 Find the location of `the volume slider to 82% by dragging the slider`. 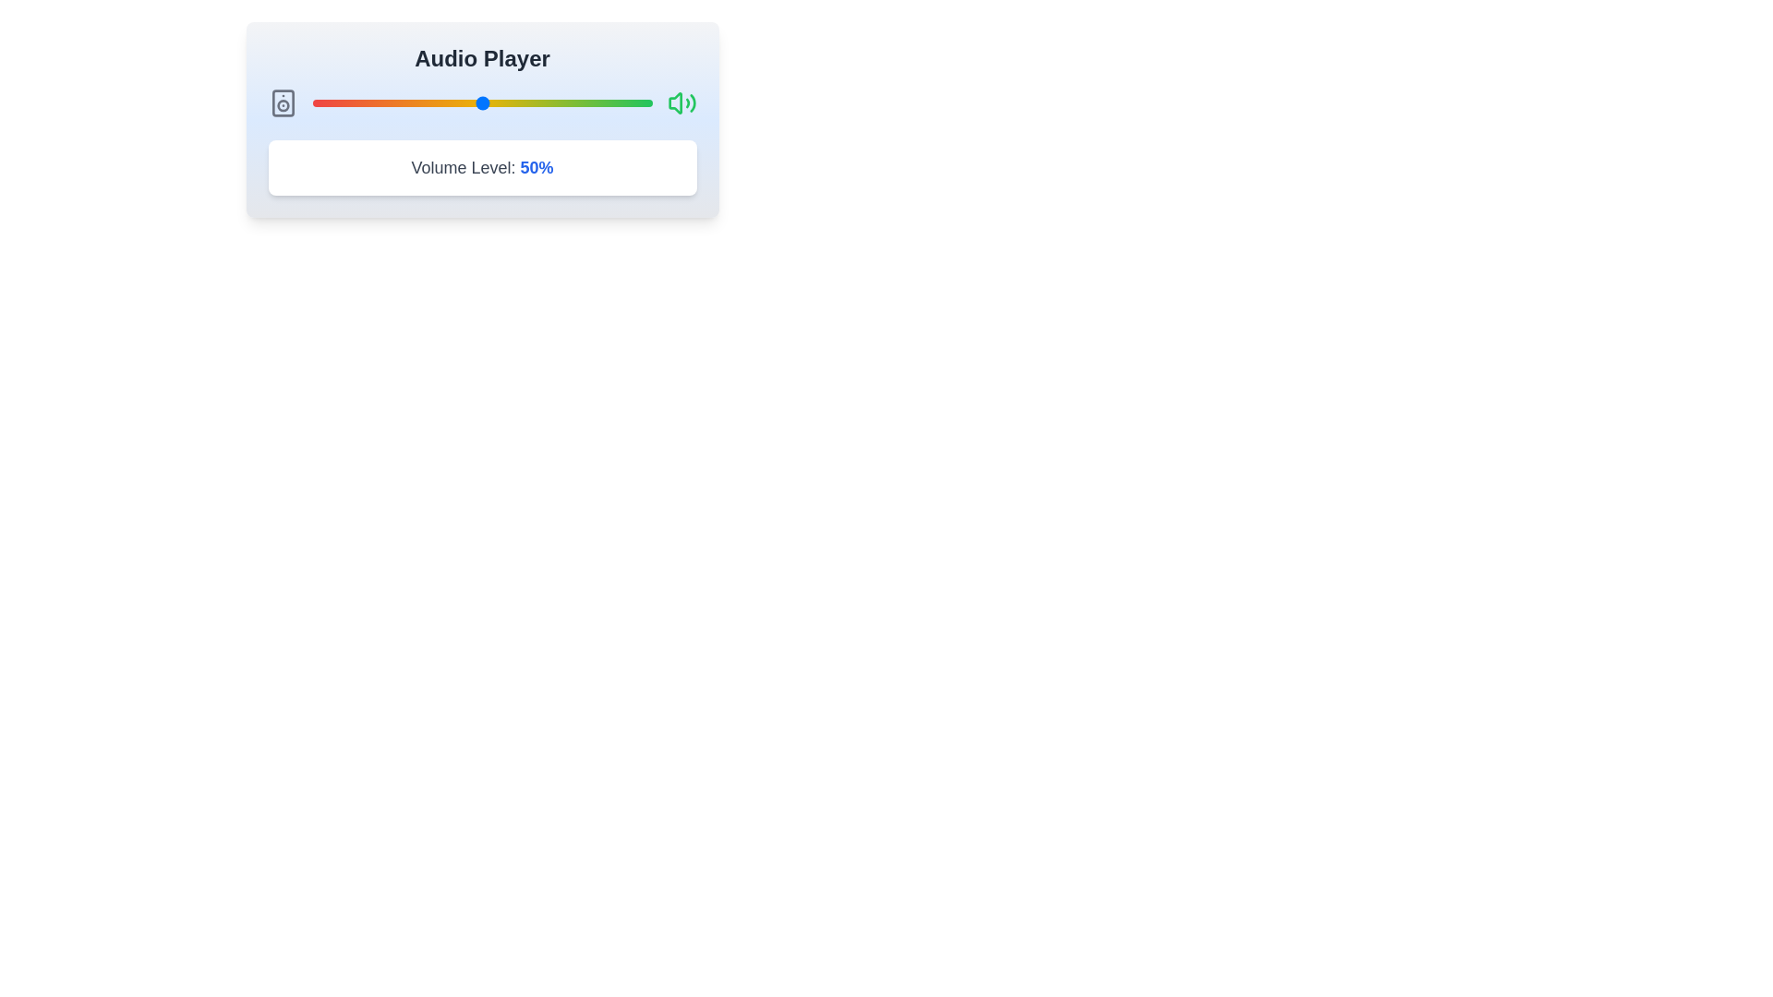

the volume slider to 82% by dragging the slider is located at coordinates (591, 102).